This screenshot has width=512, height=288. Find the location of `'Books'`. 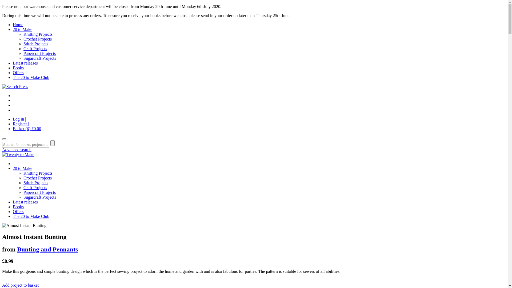

'Books' is located at coordinates (18, 67).